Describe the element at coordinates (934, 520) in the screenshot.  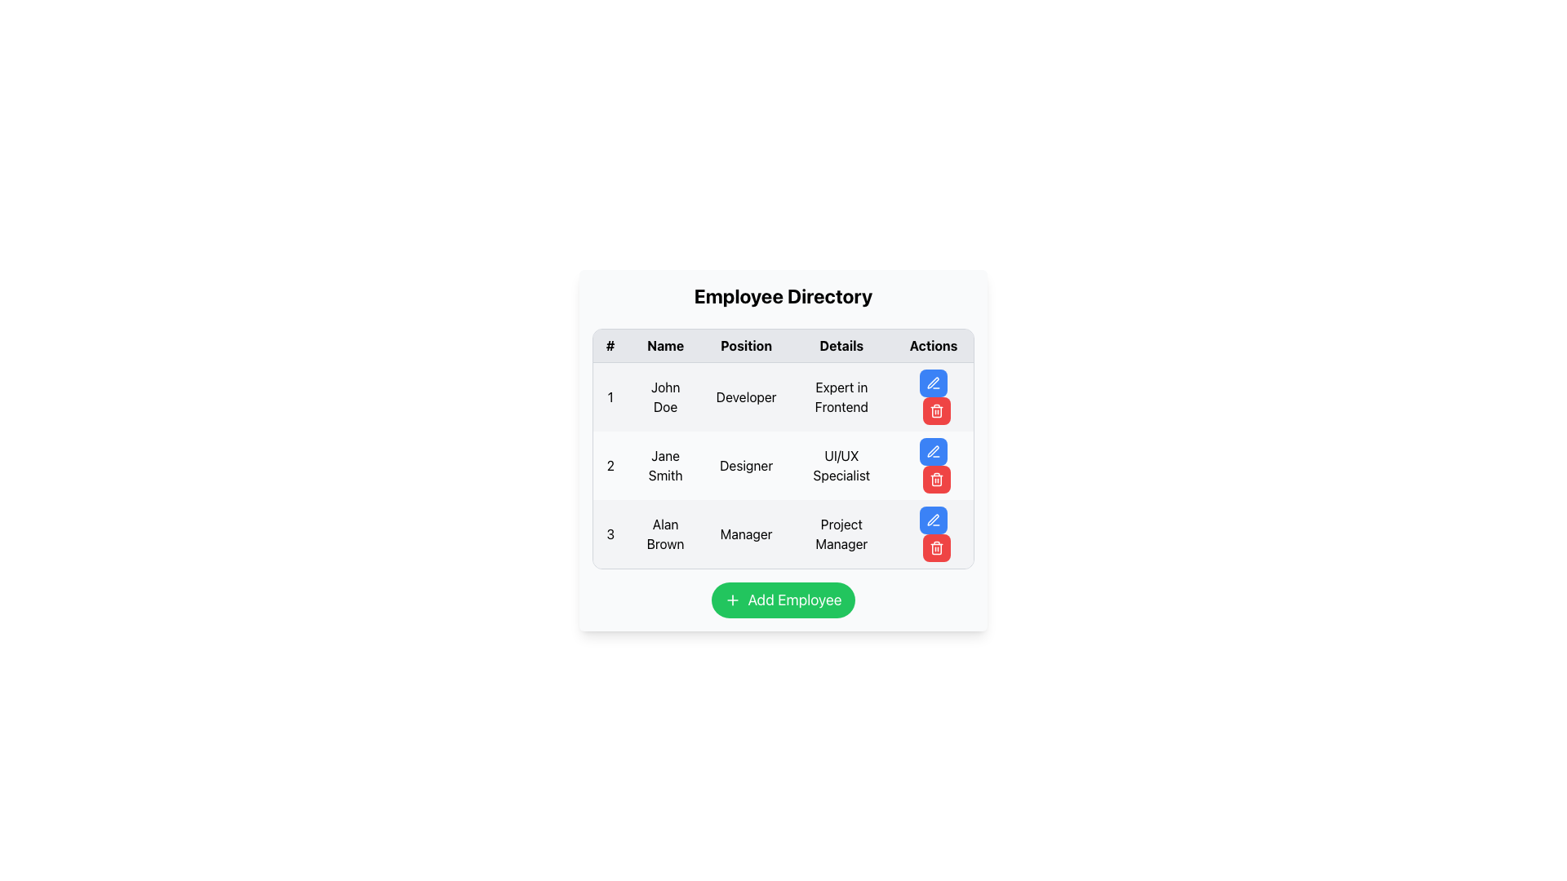
I see `the button with a pen icon on a blue background located in the 'Actions' column for 'Alan Brown'` at that location.